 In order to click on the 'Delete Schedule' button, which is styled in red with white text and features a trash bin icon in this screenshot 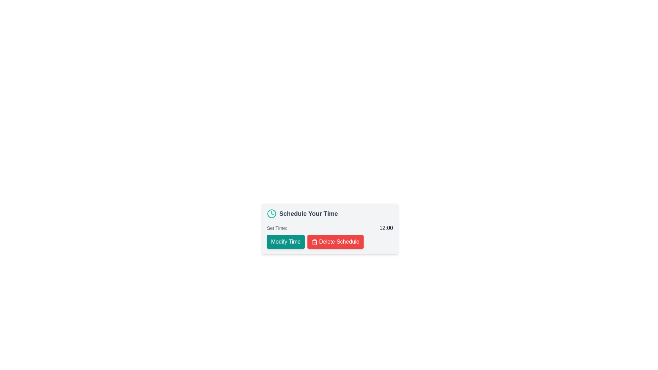, I will do `click(330, 241)`.